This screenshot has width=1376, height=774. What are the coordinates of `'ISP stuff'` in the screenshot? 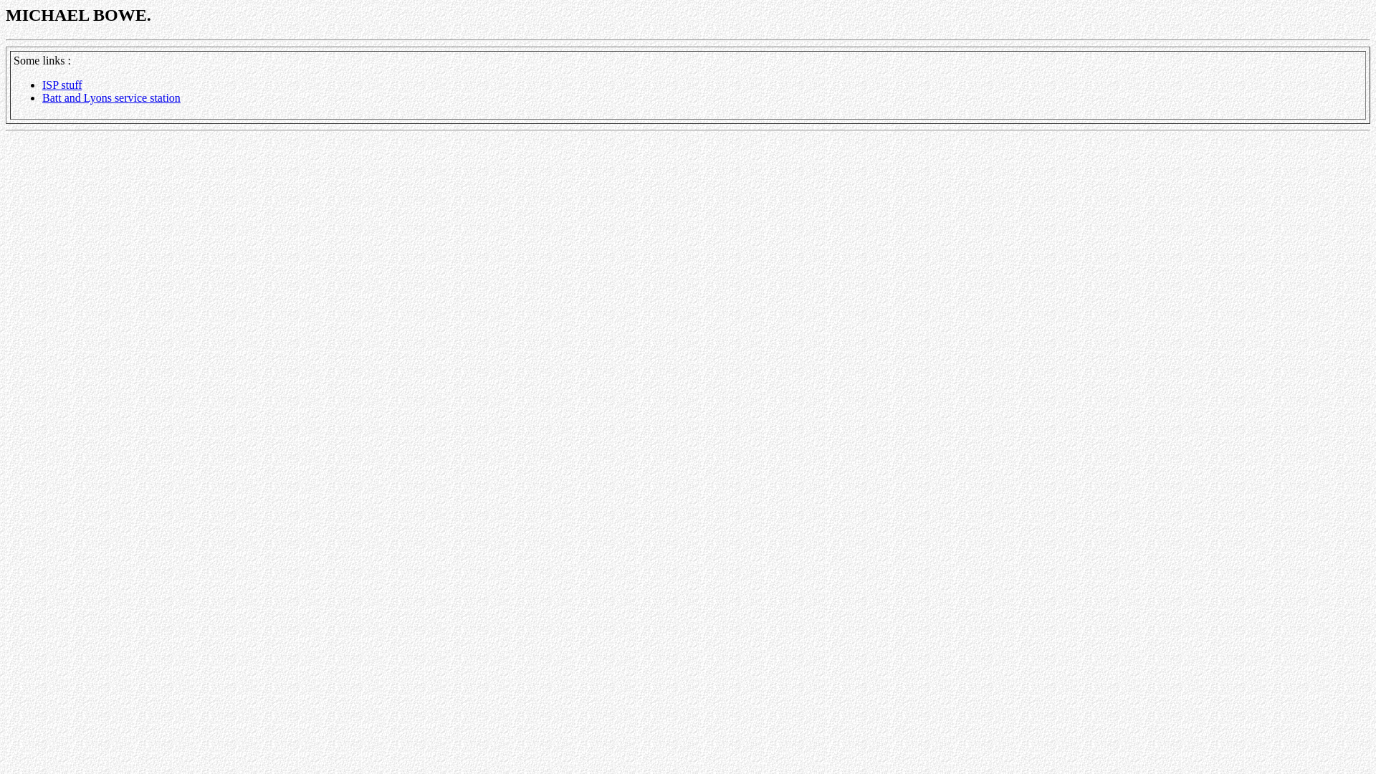 It's located at (61, 85).